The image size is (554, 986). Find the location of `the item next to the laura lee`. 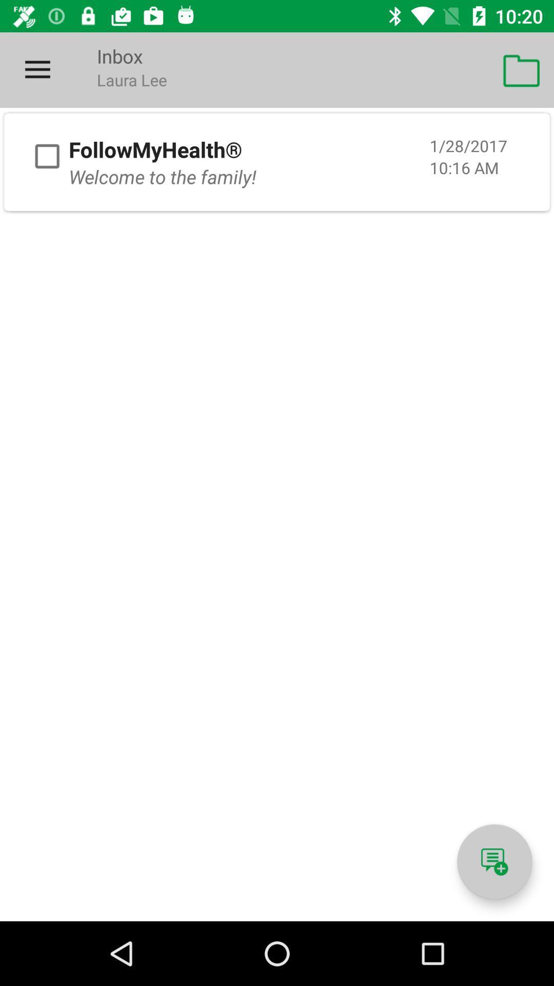

the item next to the laura lee is located at coordinates (522, 69).